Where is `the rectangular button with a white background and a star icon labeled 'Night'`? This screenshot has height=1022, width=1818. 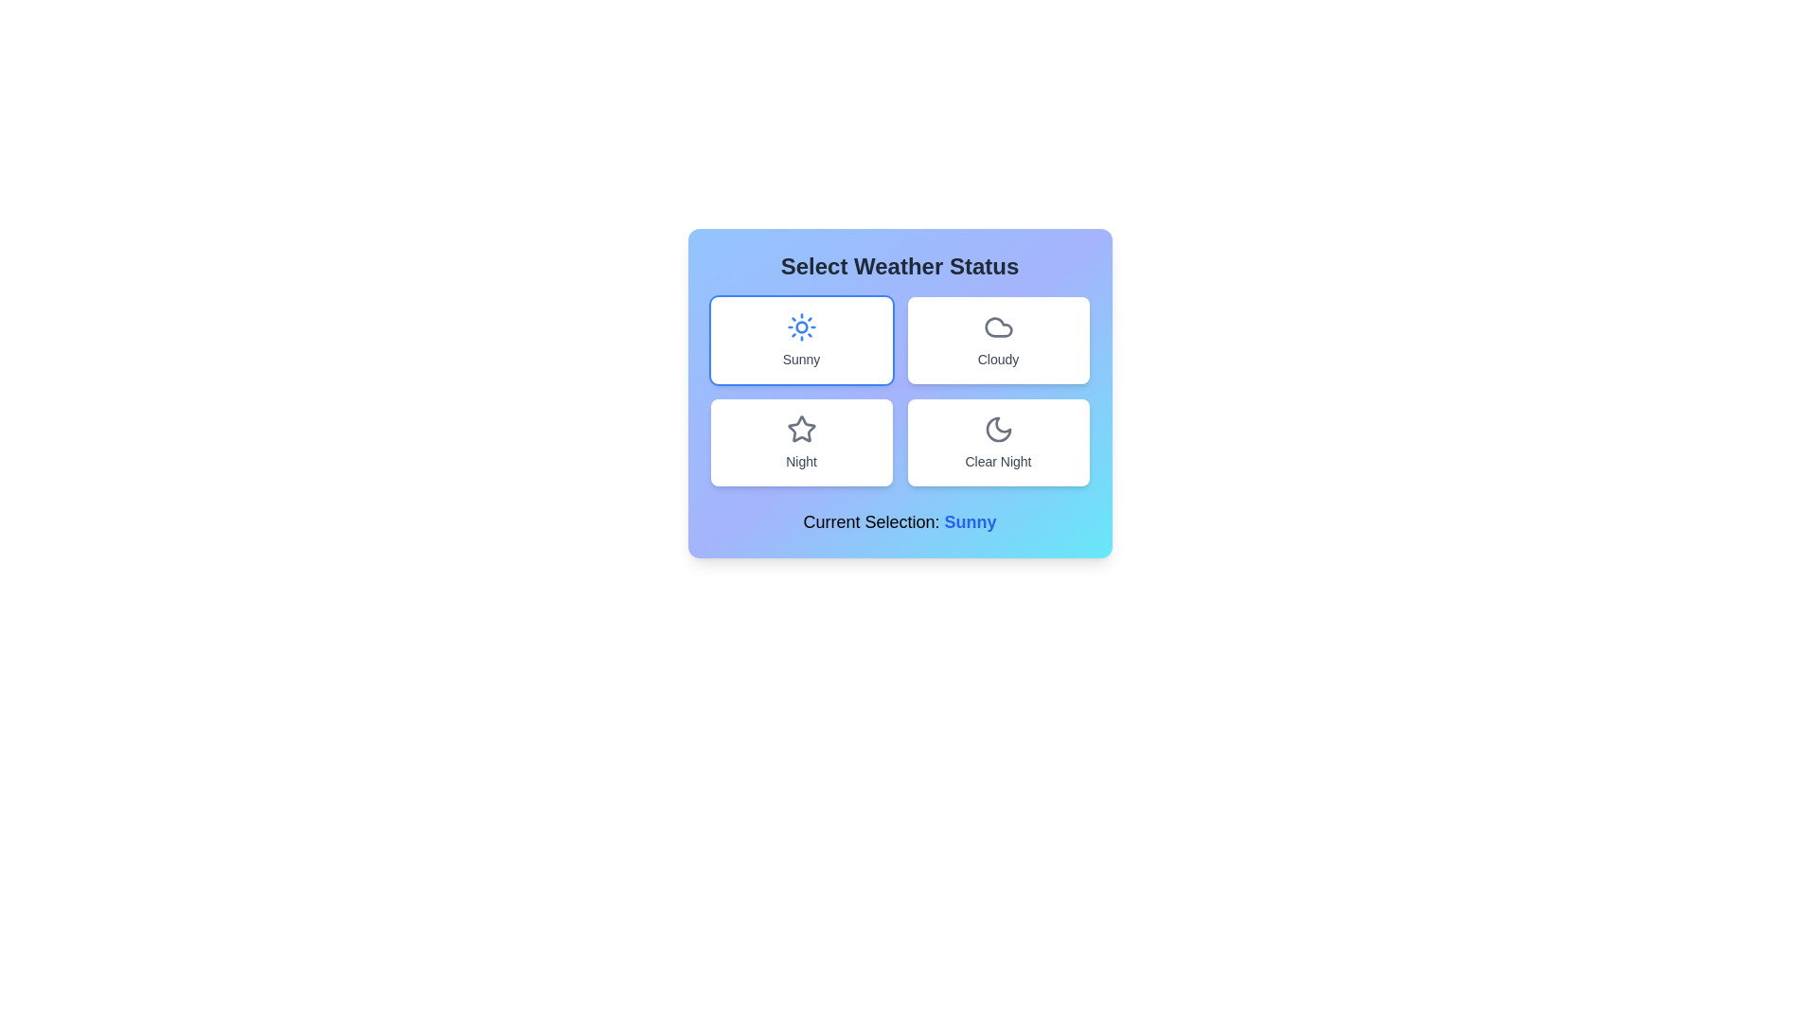 the rectangular button with a white background and a star icon labeled 'Night' is located at coordinates (801, 442).